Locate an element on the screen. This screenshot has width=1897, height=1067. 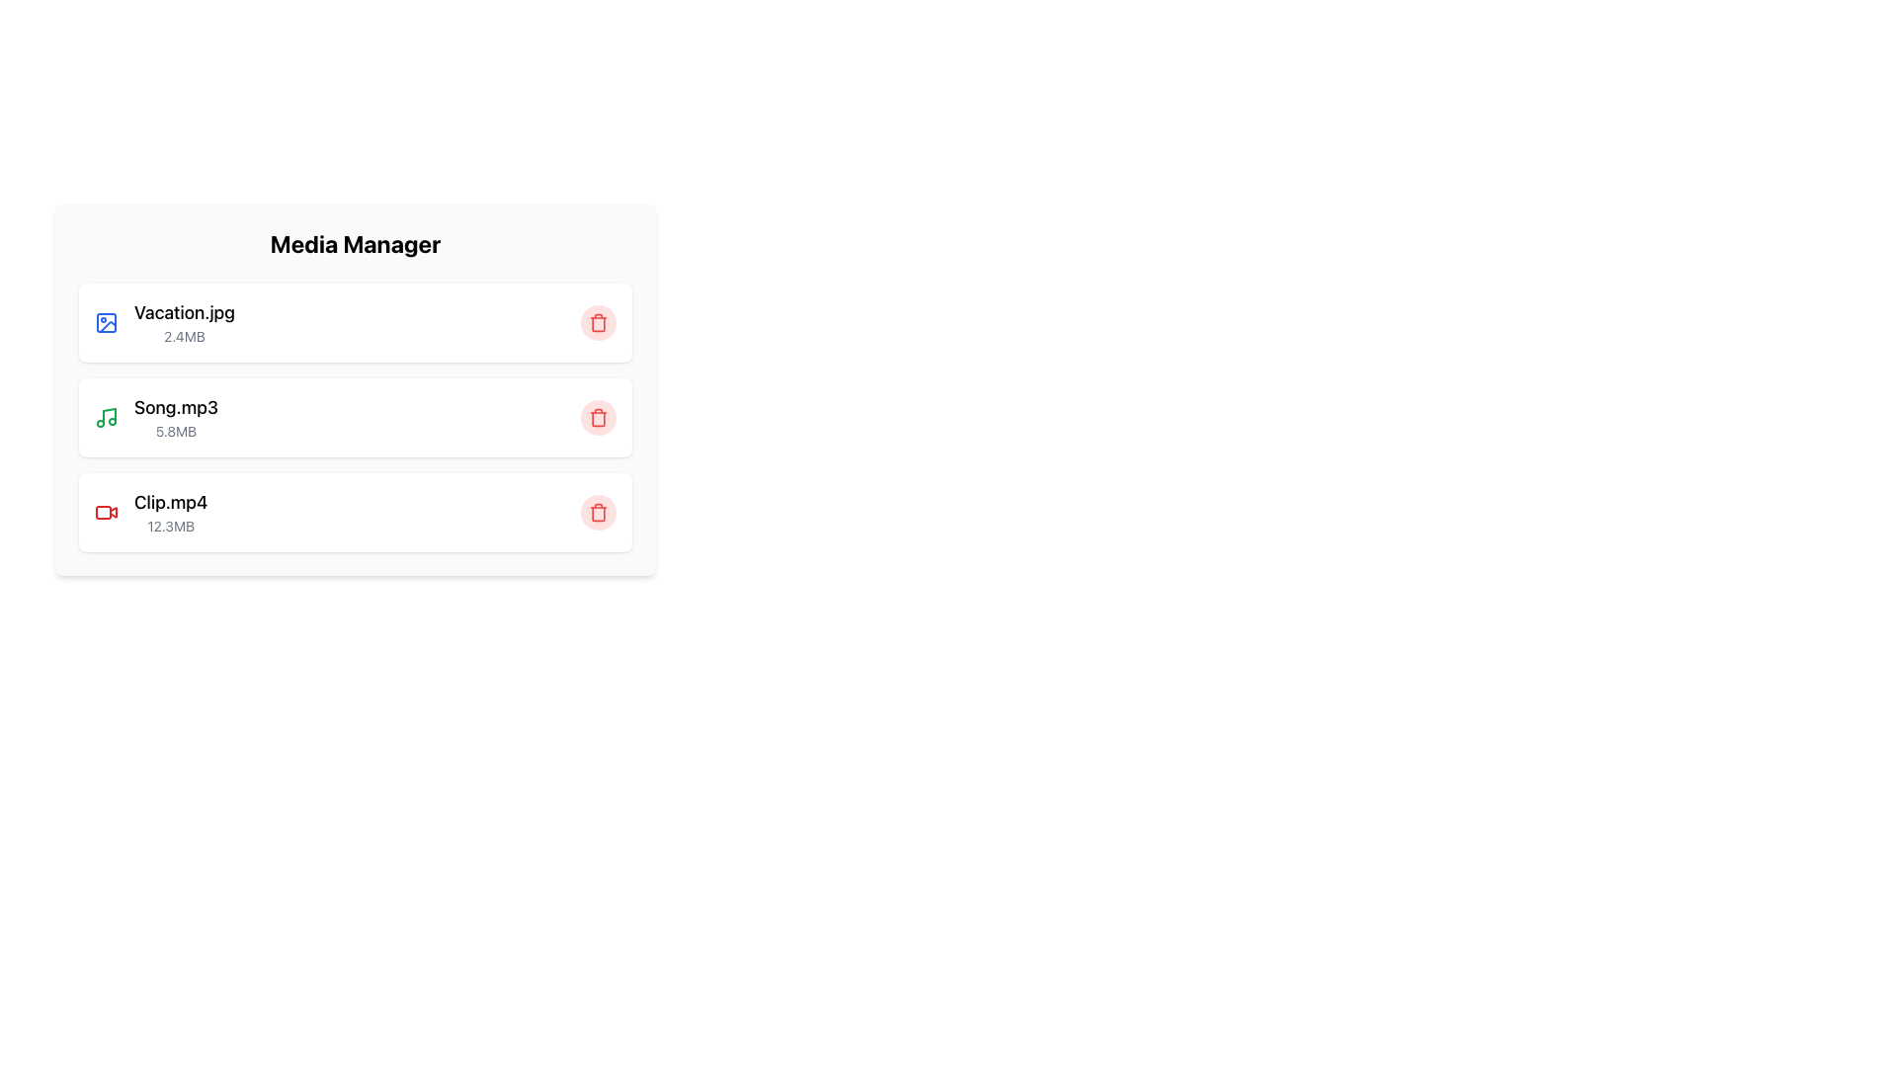
the text label displaying '2.4MB', which is located immediately below 'Vacation.jpg' in the file listing is located at coordinates (185, 335).